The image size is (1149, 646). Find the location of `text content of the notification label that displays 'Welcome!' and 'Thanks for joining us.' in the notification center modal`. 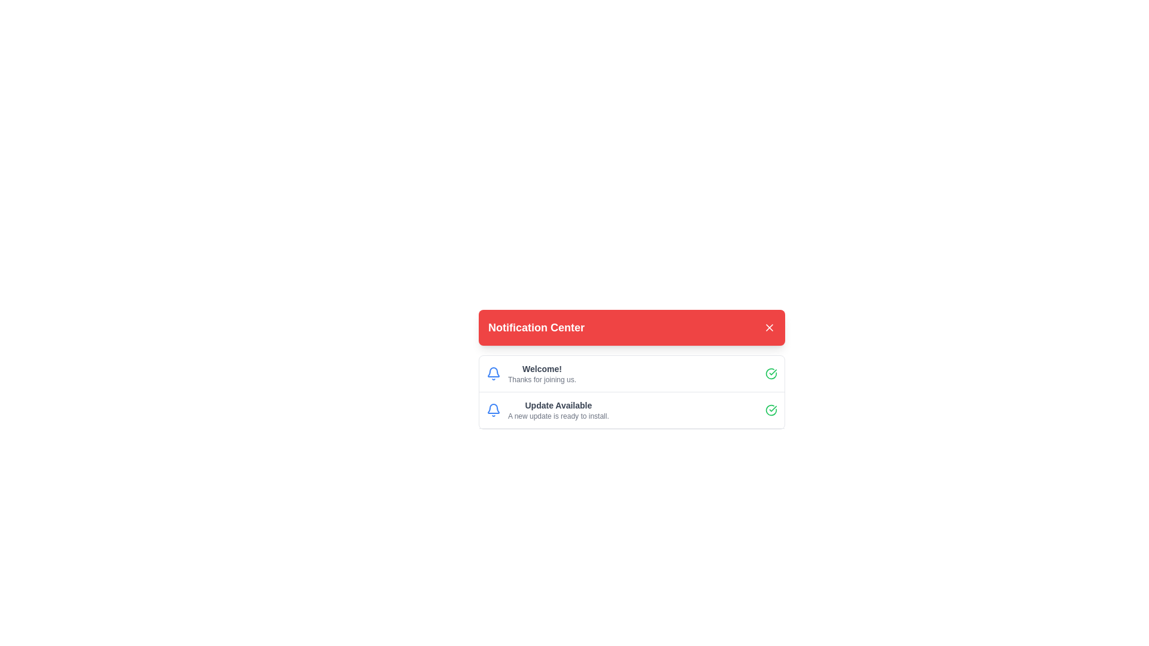

text content of the notification label that displays 'Welcome!' and 'Thanks for joining us.' in the notification center modal is located at coordinates (542, 373).